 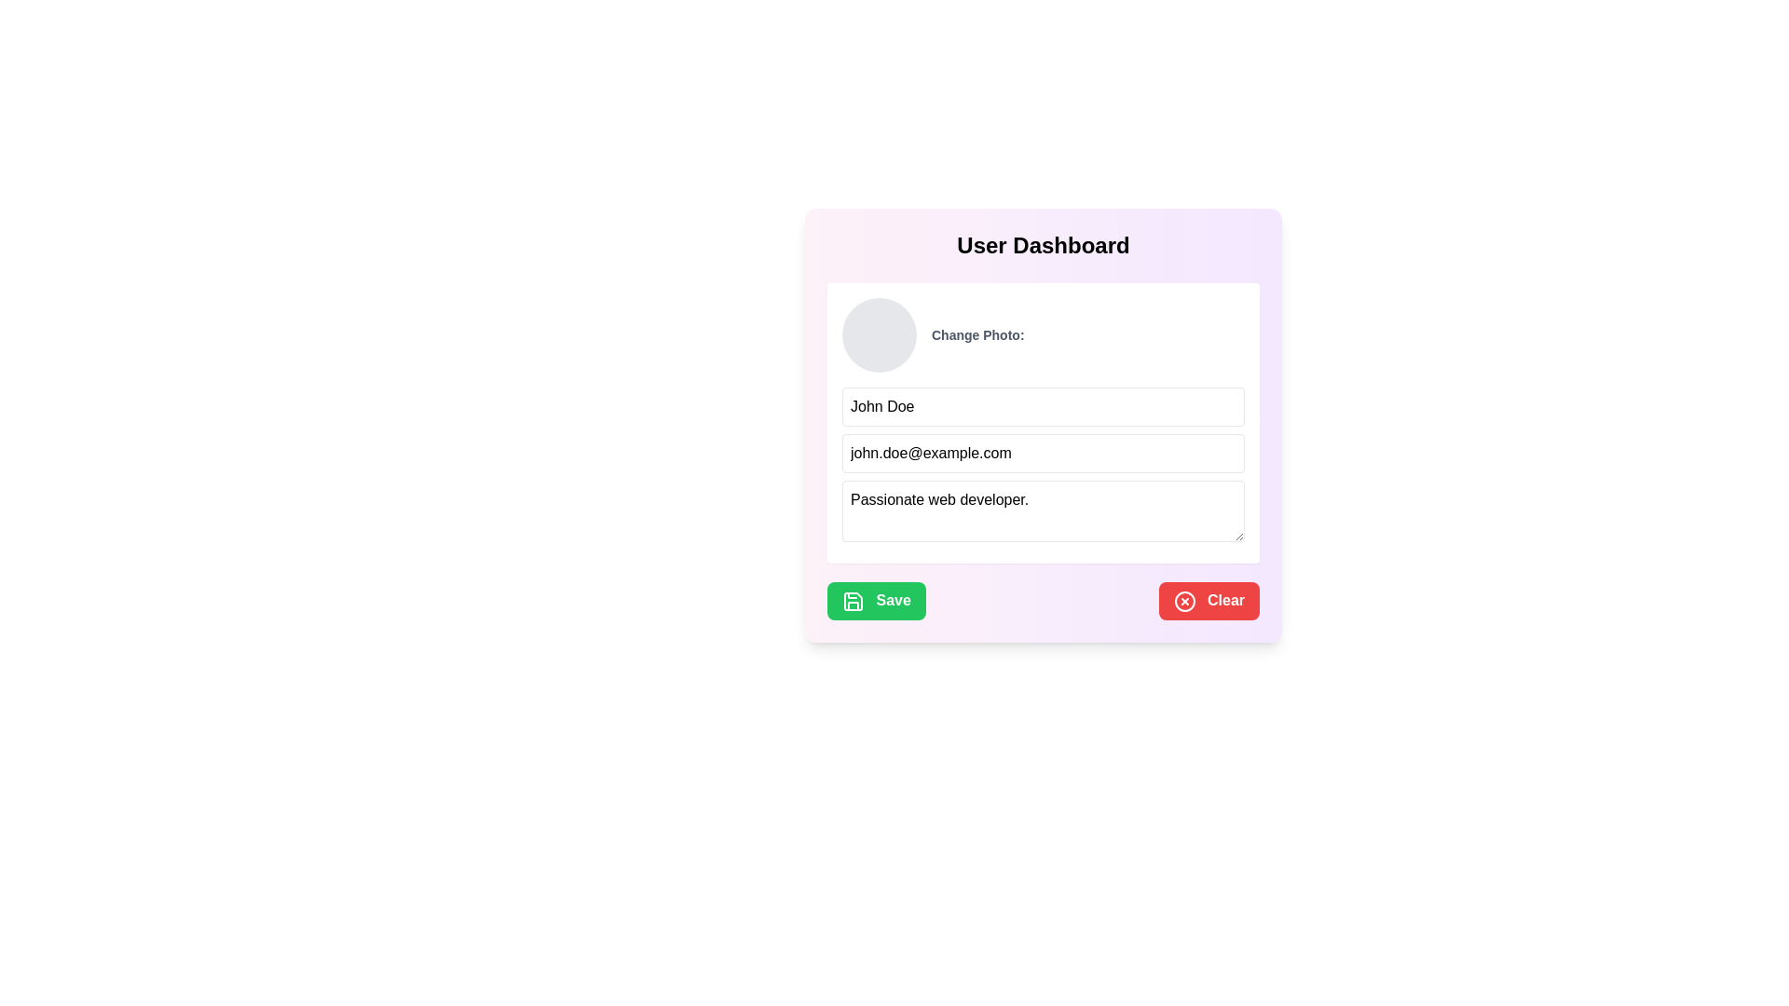 I want to click on the circular icon with a cross mark inside, located within the 'Clear' button at the bottom-right side of the user interface, so click(x=1183, y=601).